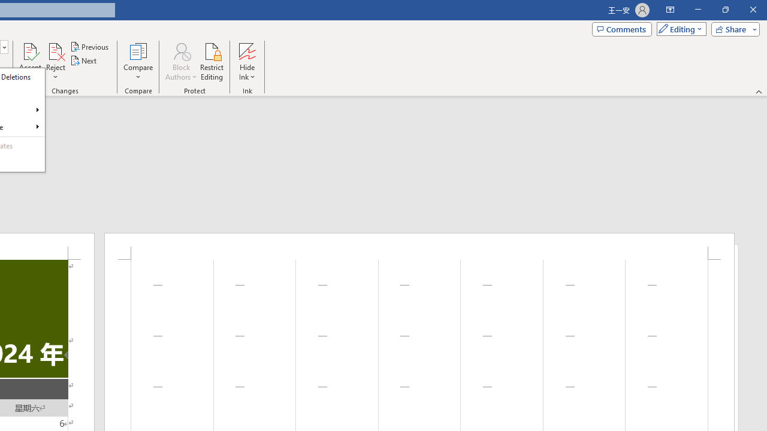 The height and width of the screenshot is (431, 767). I want to click on 'Accept and Move to Next', so click(30, 50).